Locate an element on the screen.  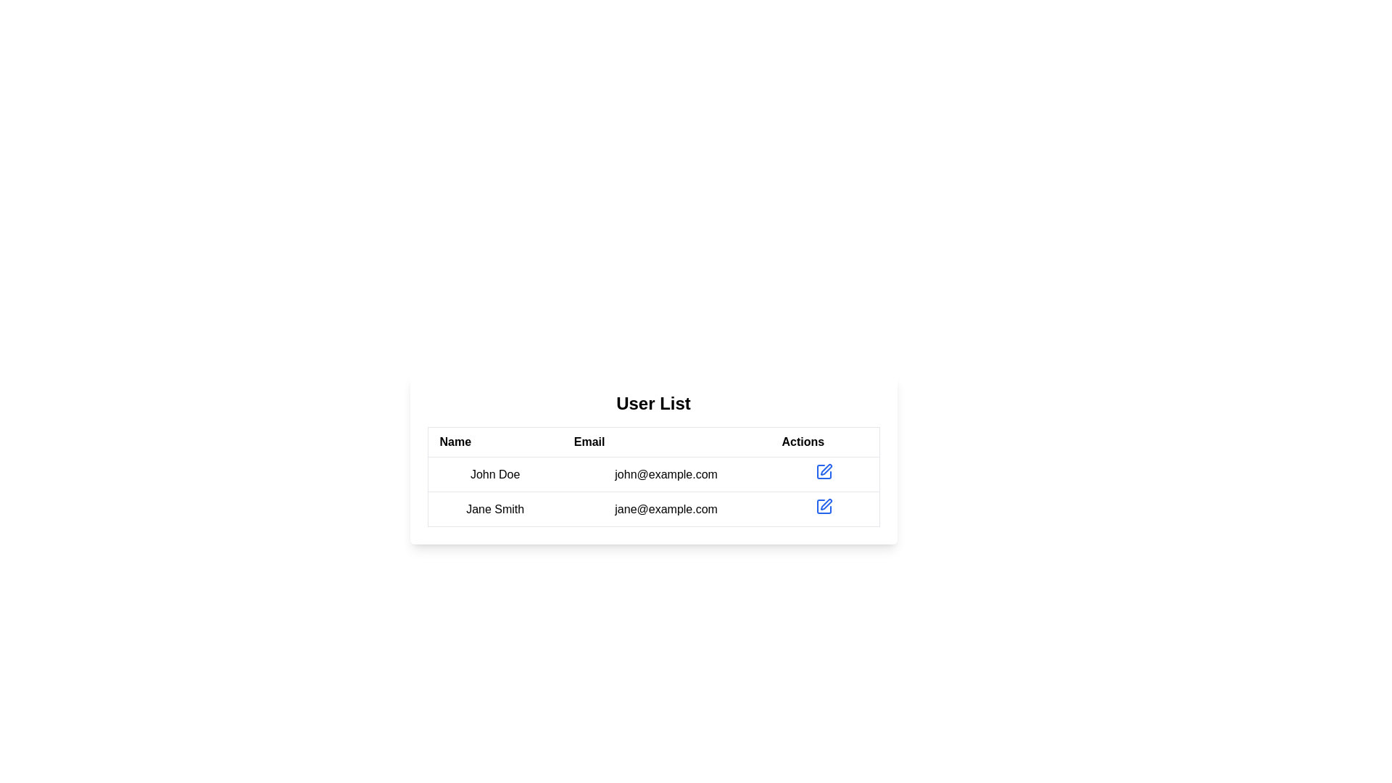
the non-interactive text field displaying 'john@example.com' in the 'Email' column of the 'User List' table for 'John Doe' is located at coordinates (666, 474).